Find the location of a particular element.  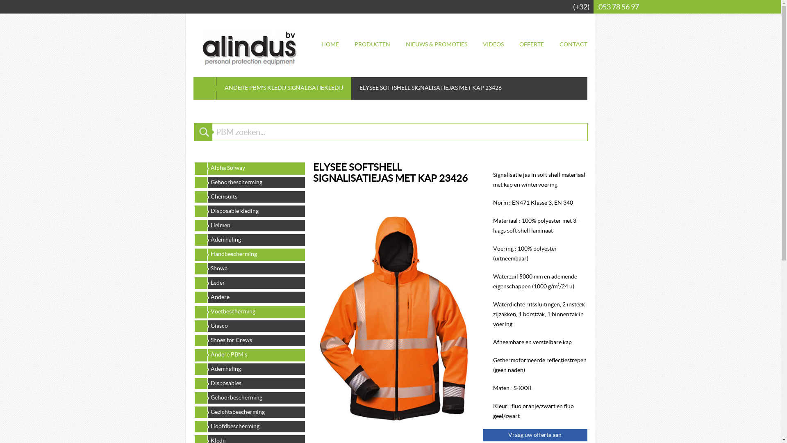

'Helmen' is located at coordinates (248, 225).